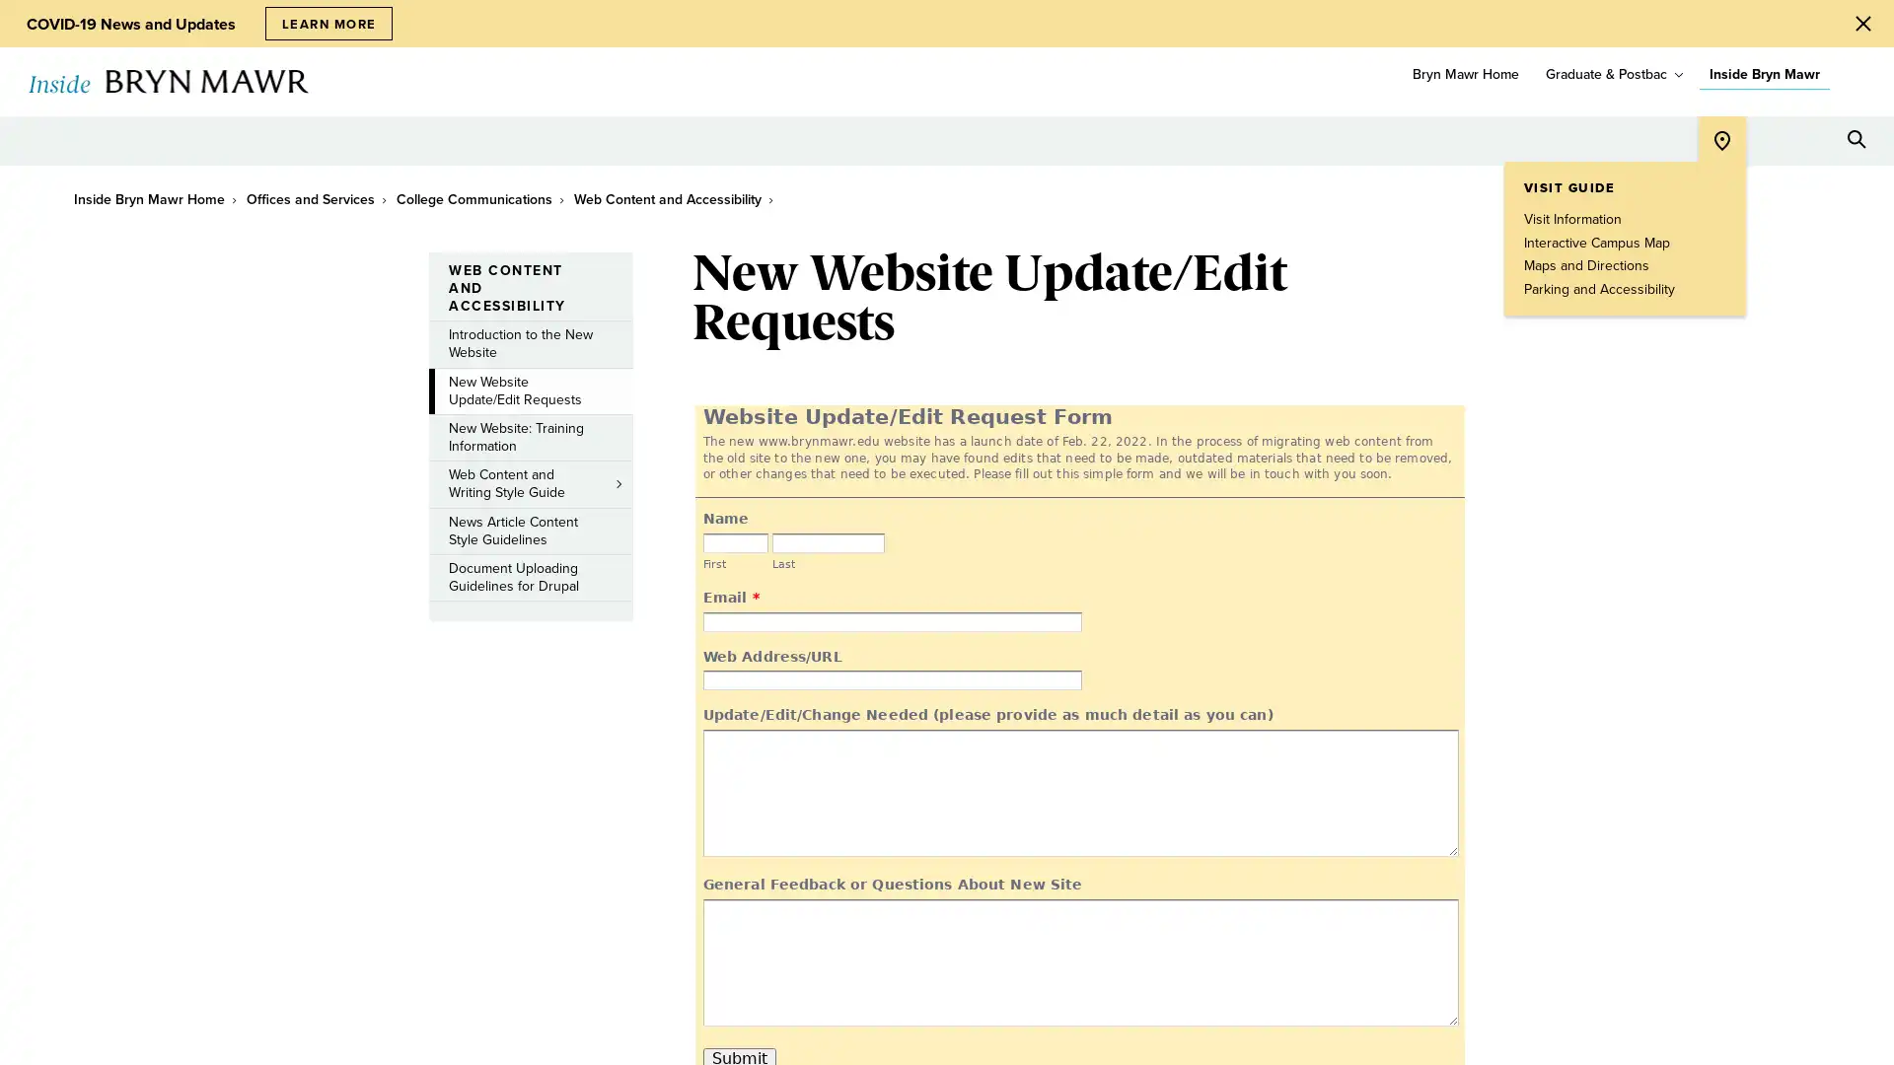 The width and height of the screenshot is (1894, 1065). Describe the element at coordinates (227, 128) in the screenshot. I see `toggle submenu` at that location.